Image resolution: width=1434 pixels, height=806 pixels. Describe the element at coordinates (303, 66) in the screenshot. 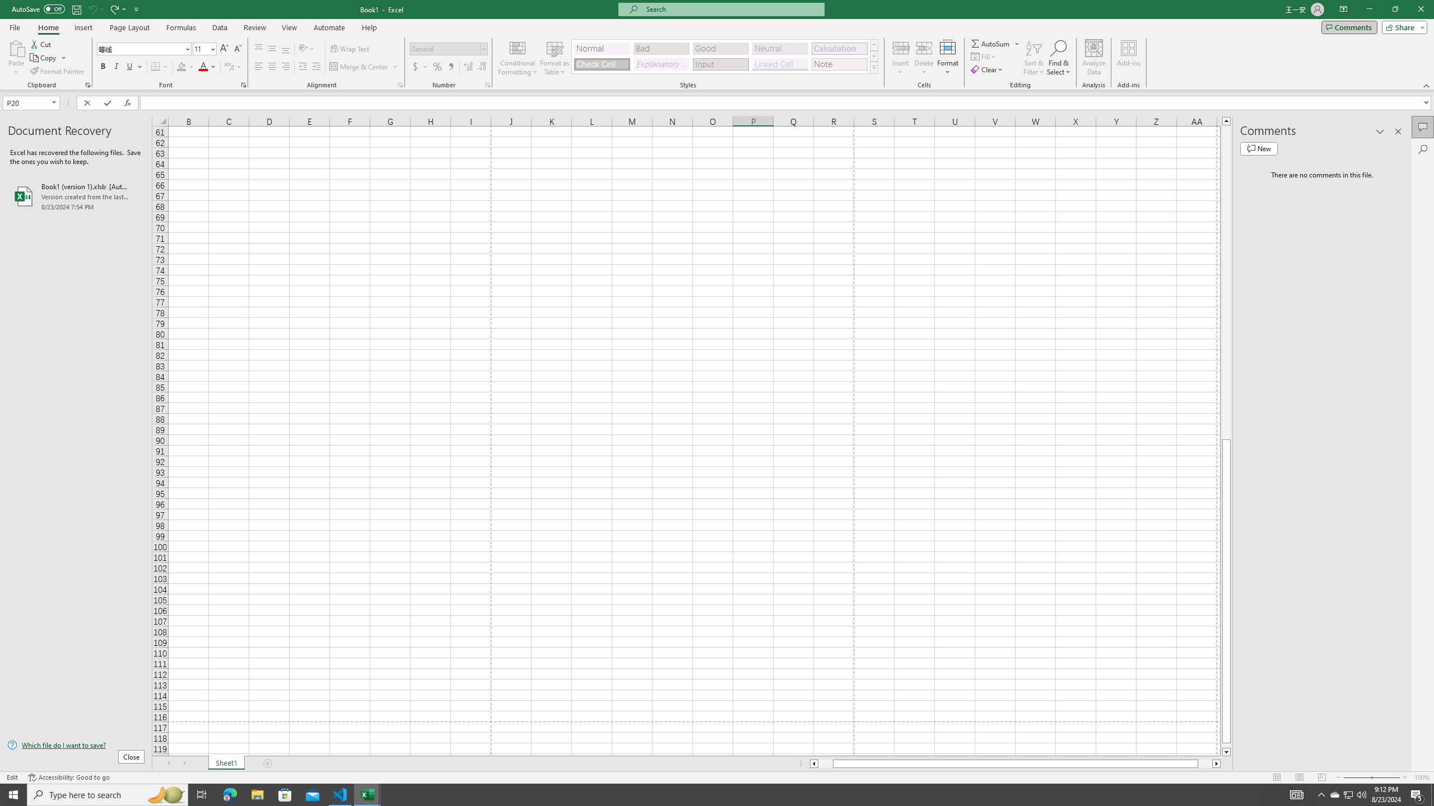

I see `'Decrease Indent'` at that location.